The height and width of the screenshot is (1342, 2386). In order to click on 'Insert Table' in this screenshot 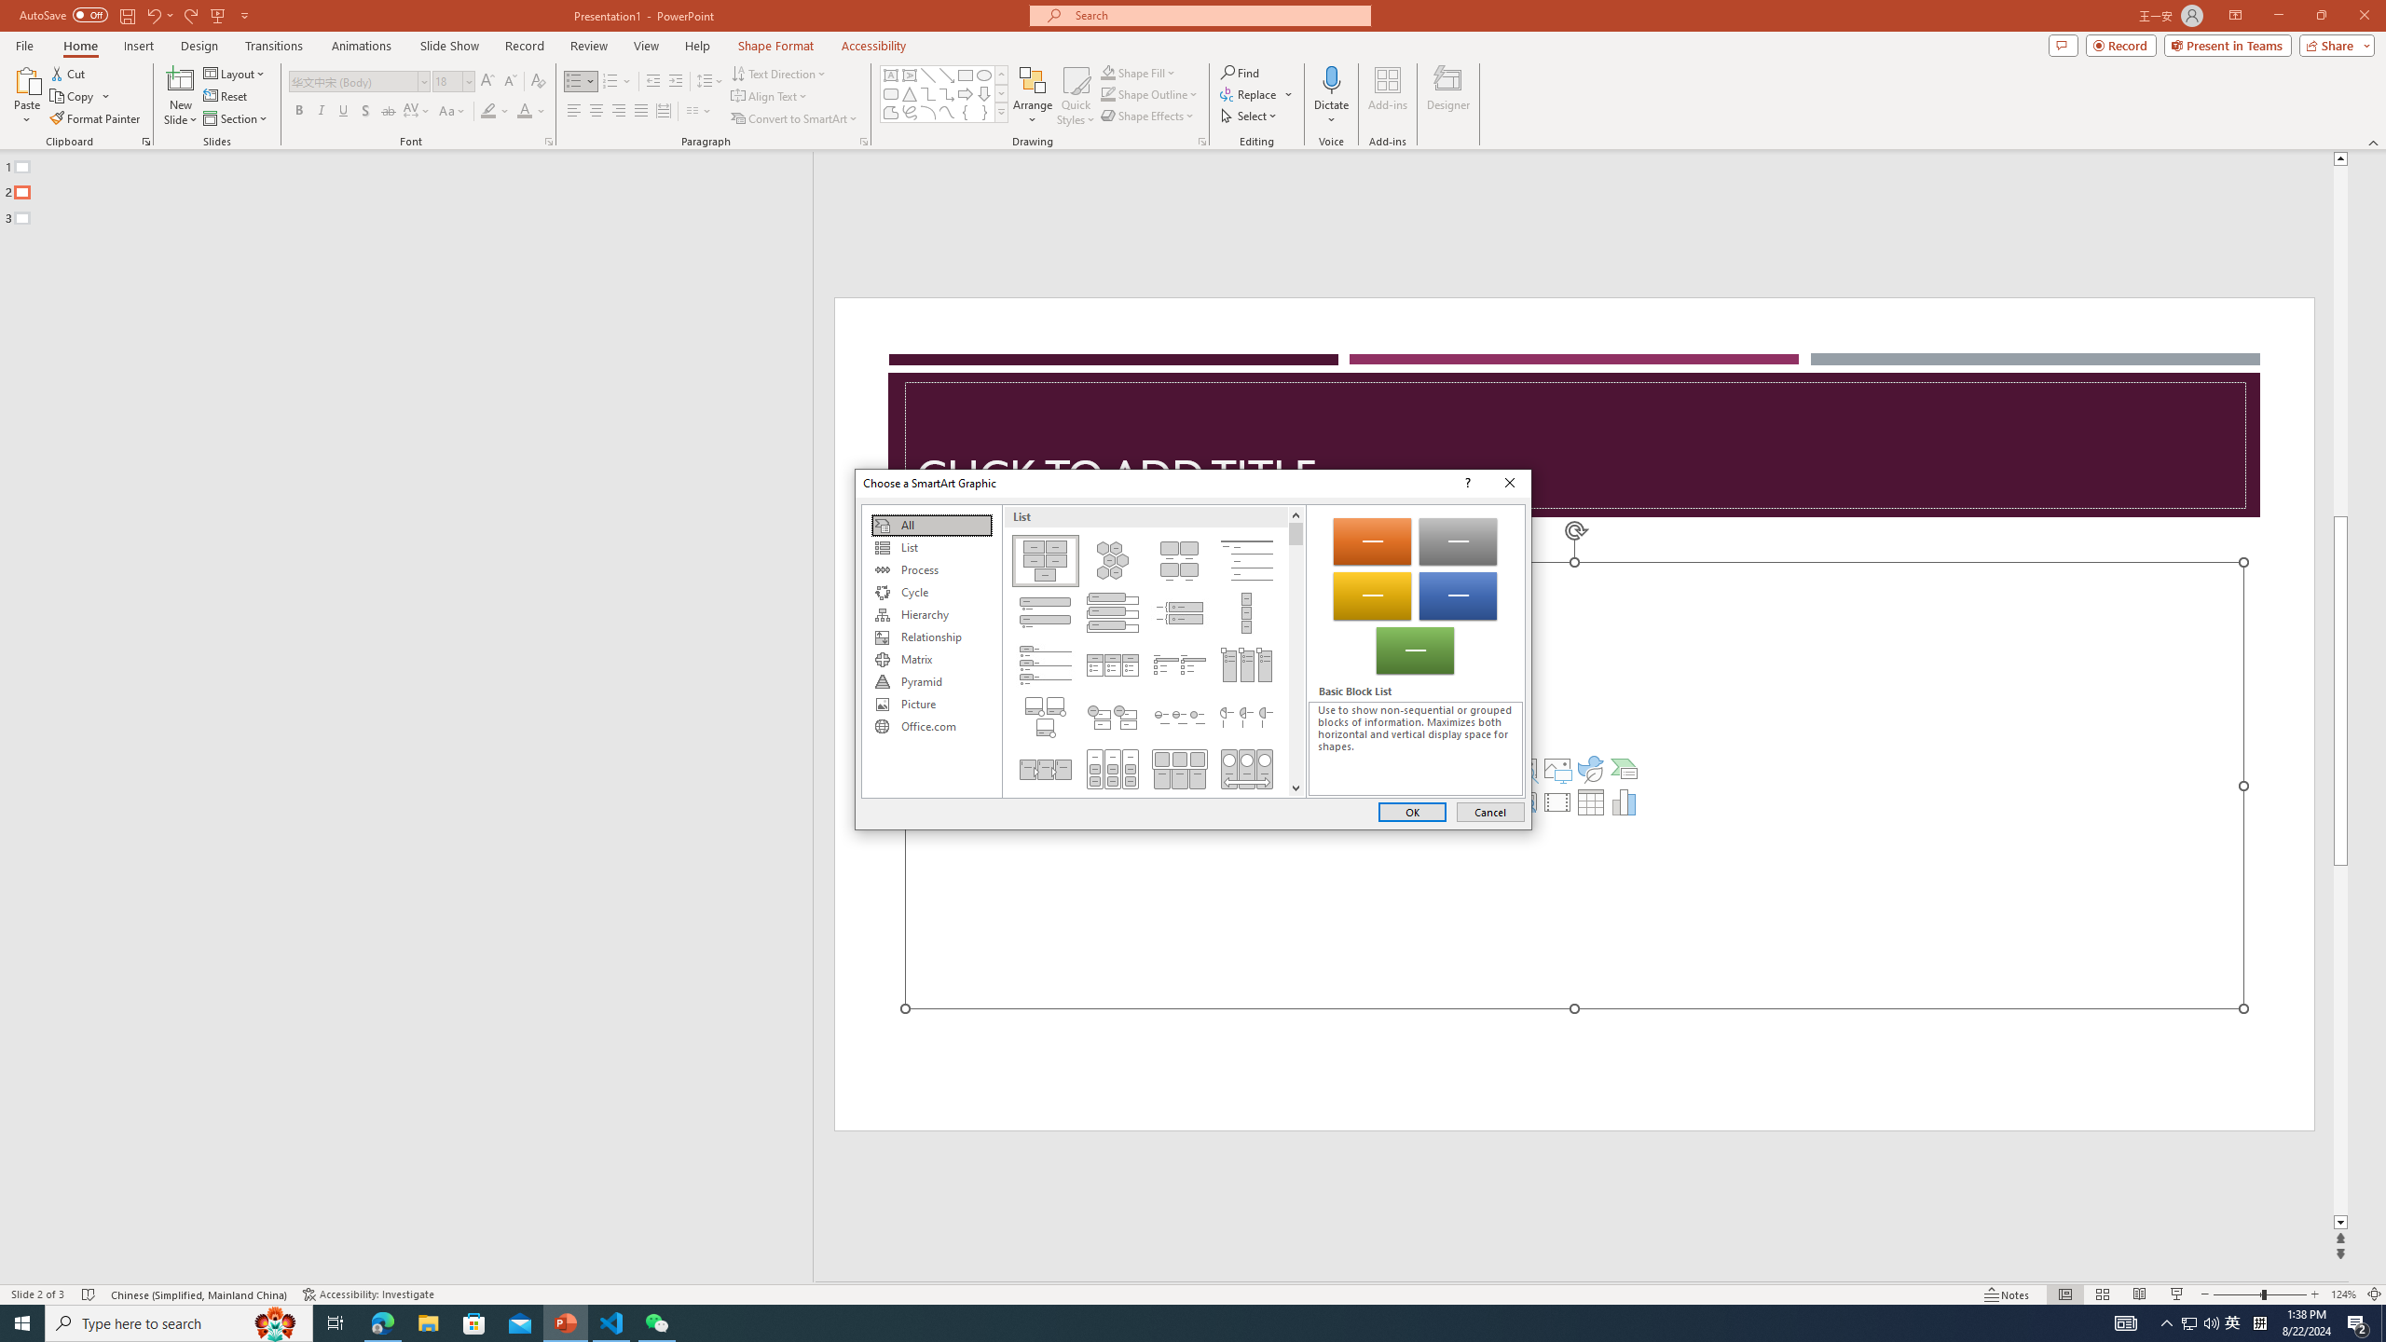, I will do `click(1591, 802)`.